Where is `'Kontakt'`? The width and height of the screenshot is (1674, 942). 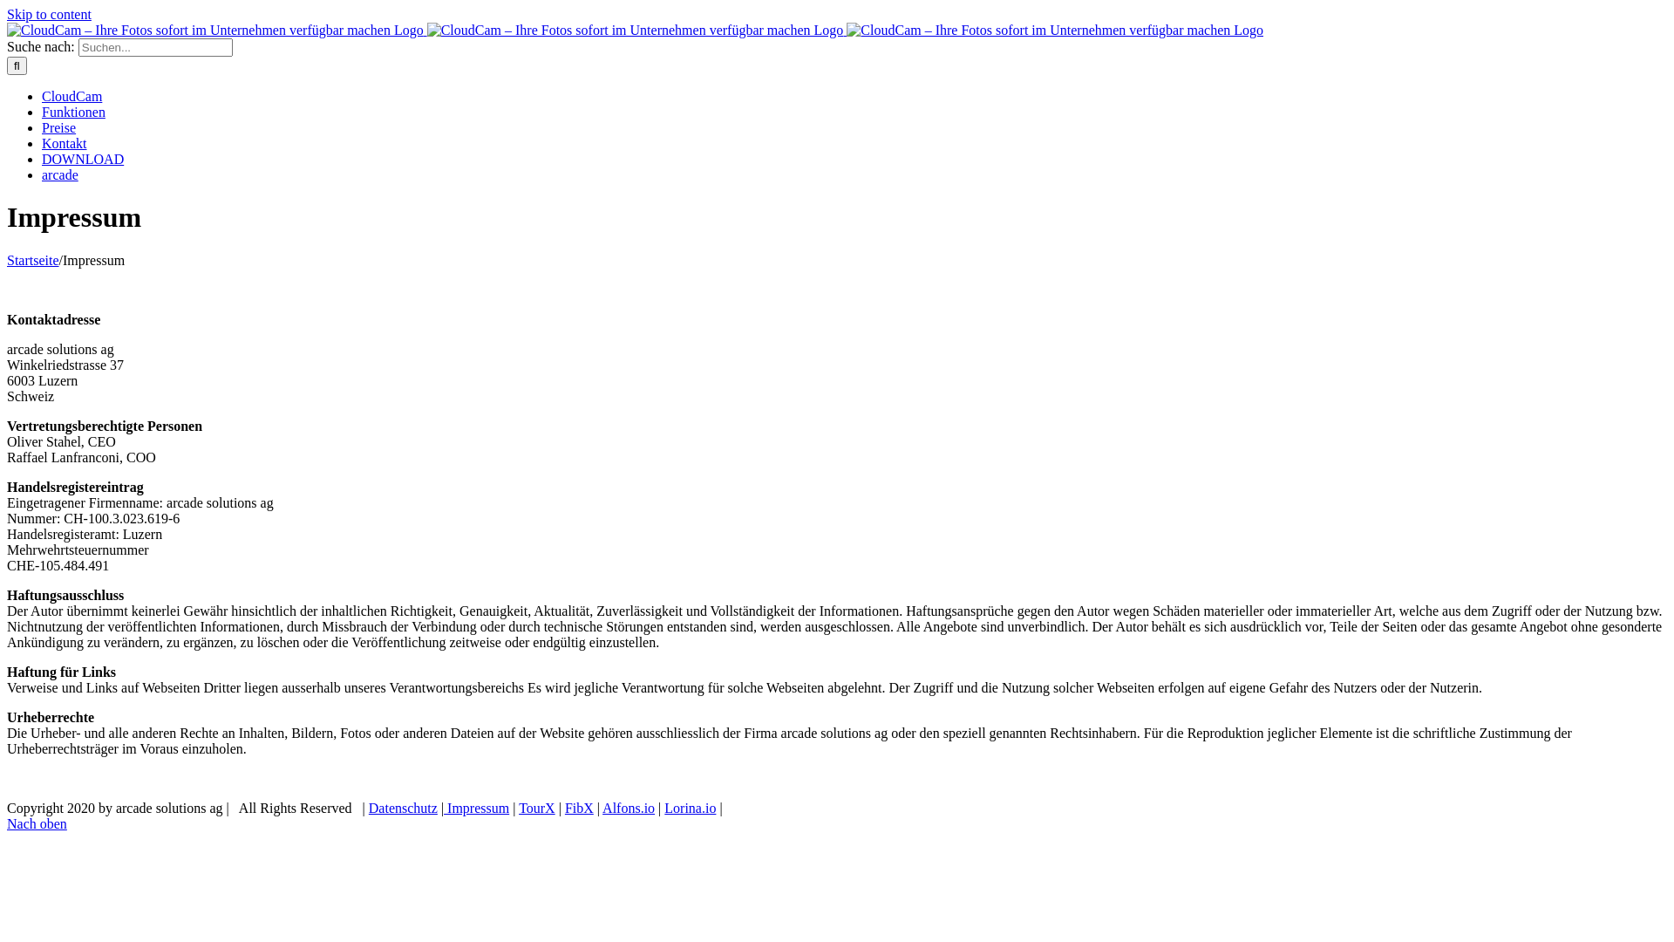 'Kontakt' is located at coordinates (64, 142).